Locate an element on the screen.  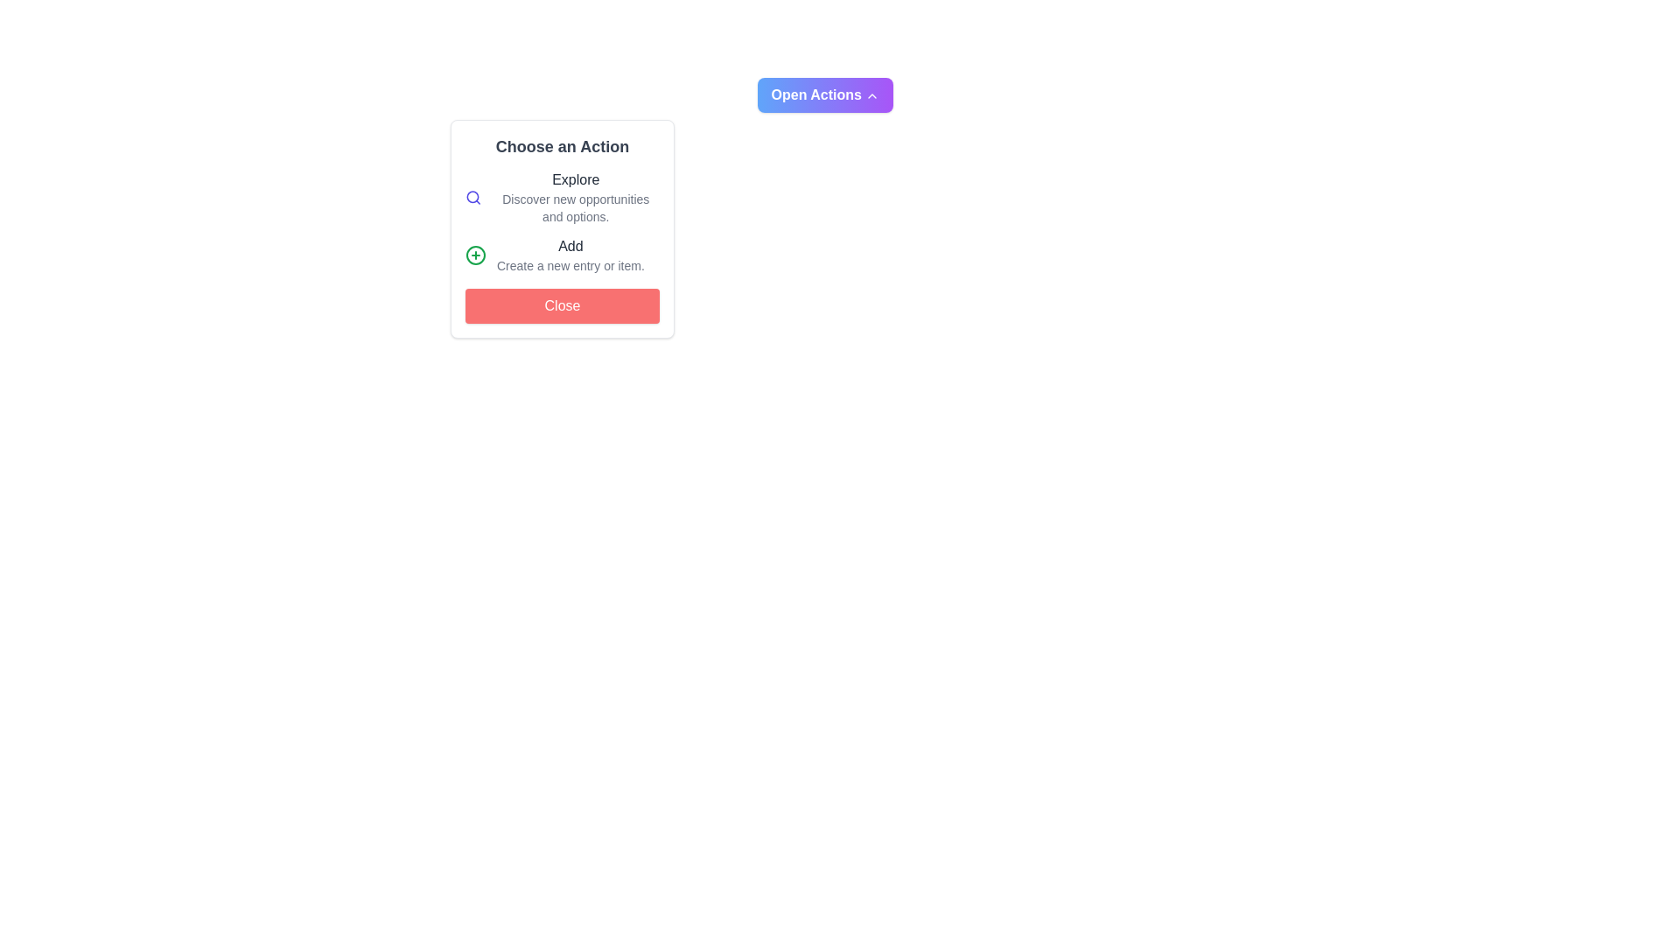
the decorative SVG component that identifies the search functionality, located in the upper right area of the UI, near the 'Open Actions' button is located at coordinates (472, 197).